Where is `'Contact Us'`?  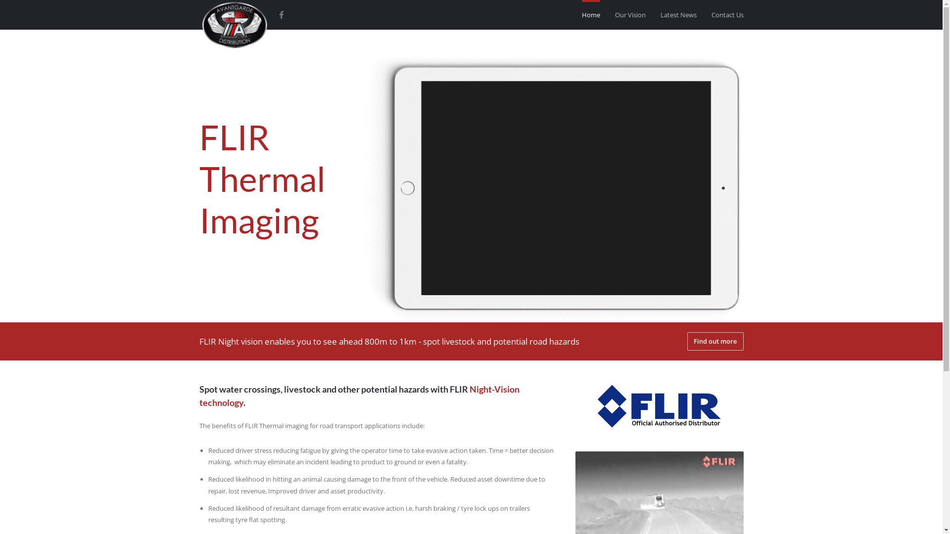
'Contact Us' is located at coordinates (727, 15).